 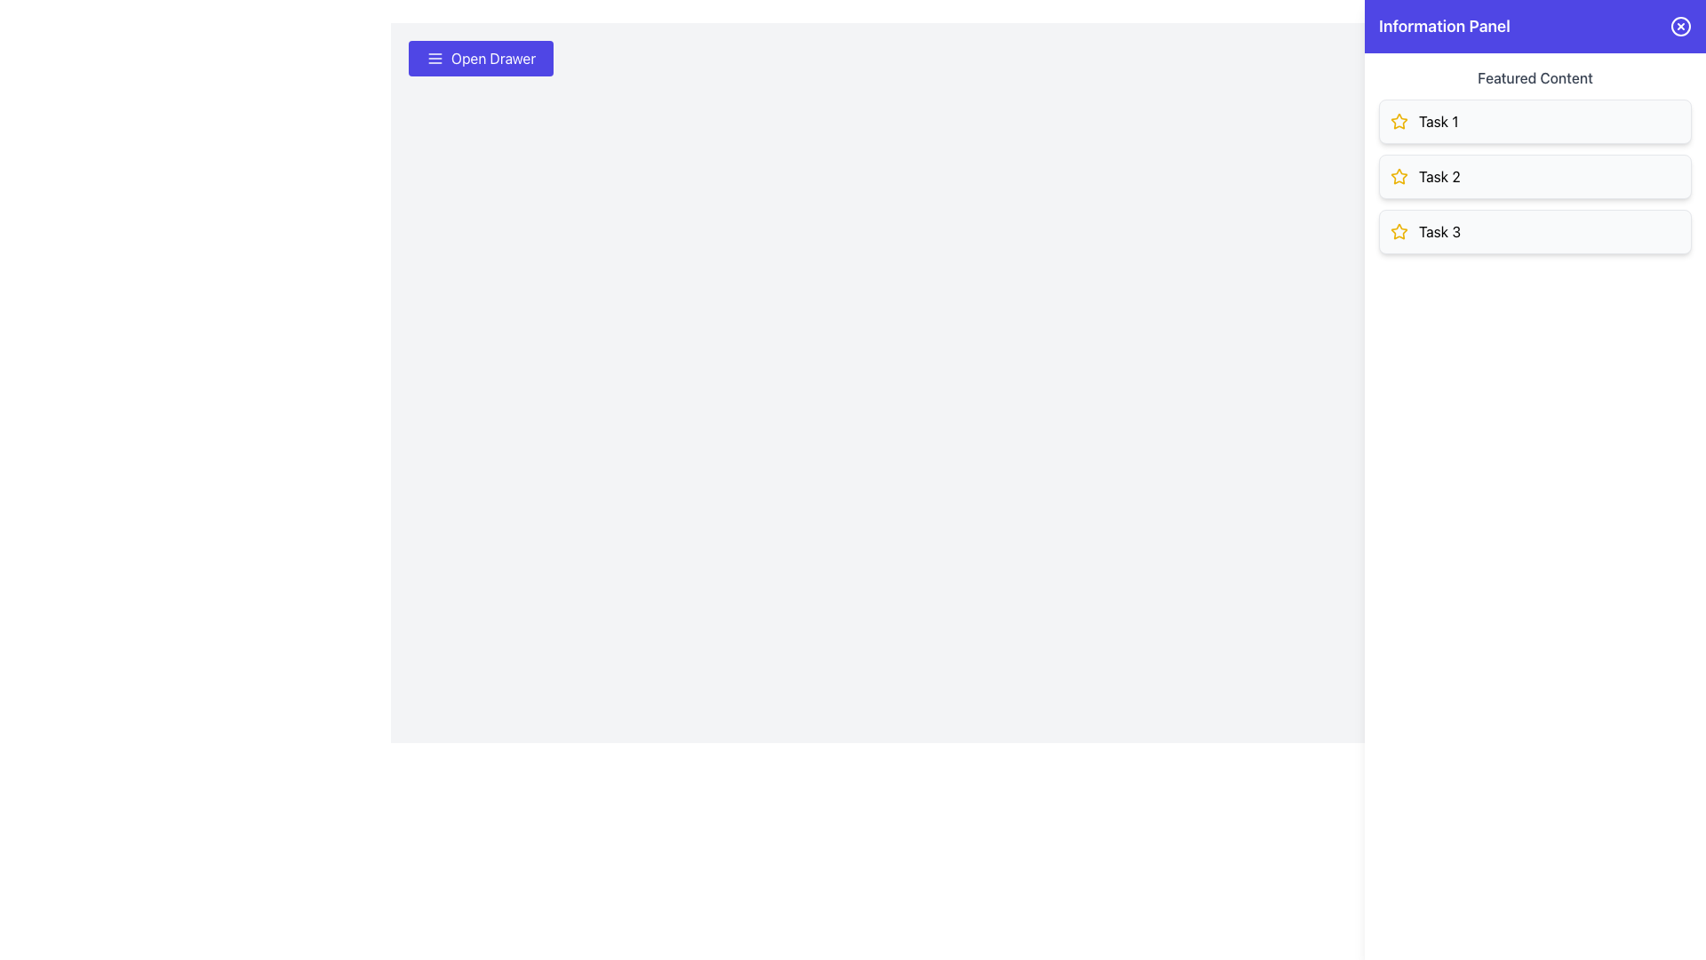 What do you see at coordinates (1444, 27) in the screenshot?
I see `the Static Text Label located at the top-right corner of the interface, which serves as a header indicating the title or purpose of the current panel` at bounding box center [1444, 27].